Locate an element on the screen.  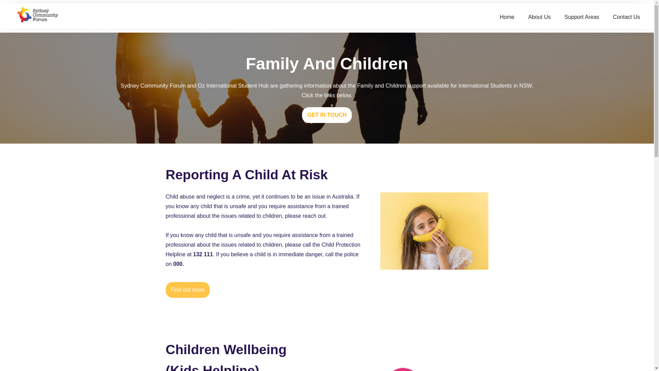
'Support Areas' is located at coordinates (581, 17).